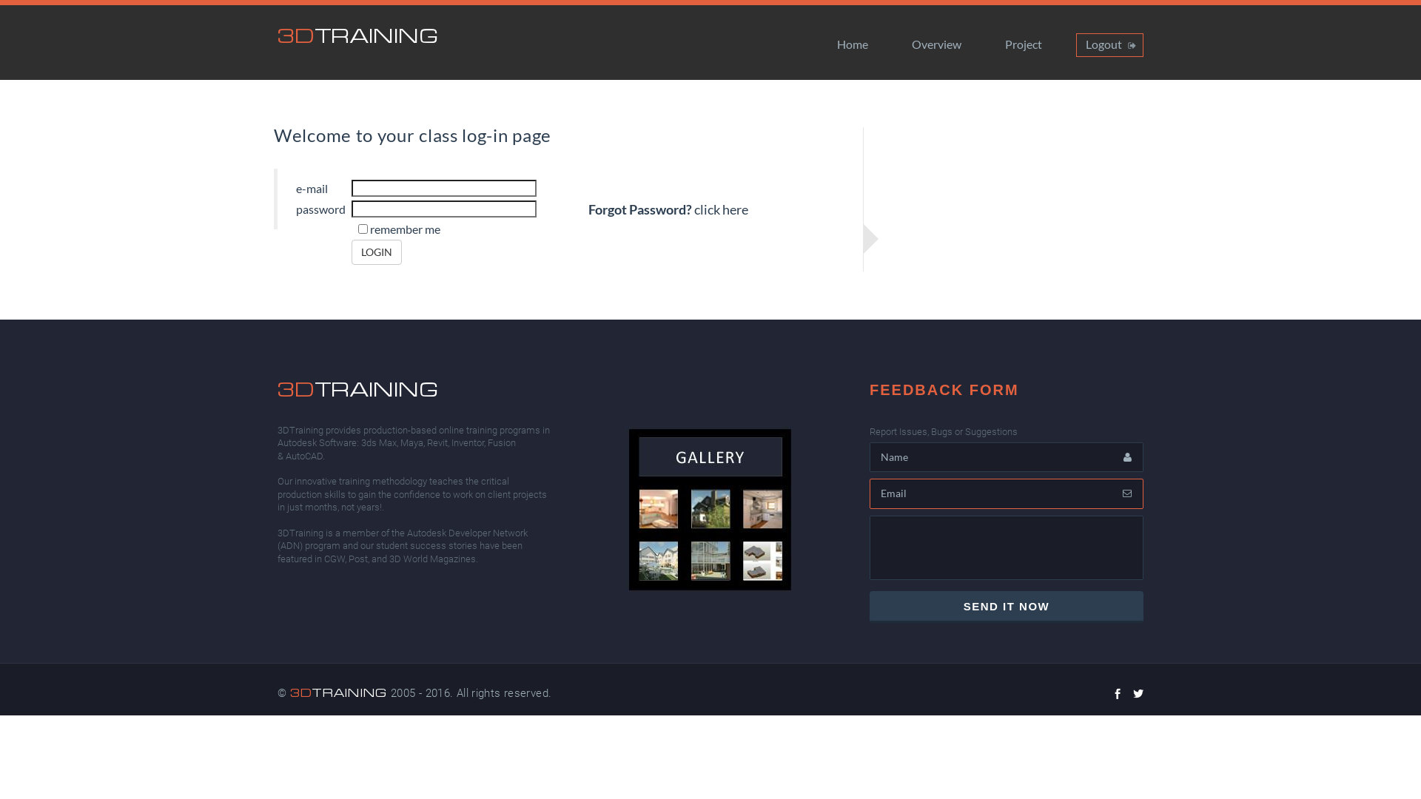 This screenshot has width=1421, height=799. Describe the element at coordinates (935, 44) in the screenshot. I see `'Overview'` at that location.